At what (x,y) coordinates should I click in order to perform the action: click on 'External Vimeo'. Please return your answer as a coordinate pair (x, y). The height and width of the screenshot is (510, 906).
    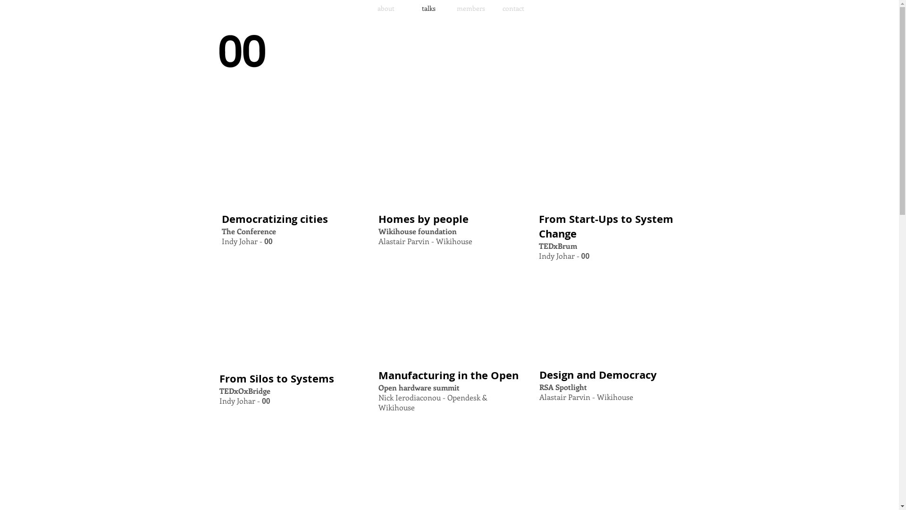
    Looking at the image, I should click on (448, 314).